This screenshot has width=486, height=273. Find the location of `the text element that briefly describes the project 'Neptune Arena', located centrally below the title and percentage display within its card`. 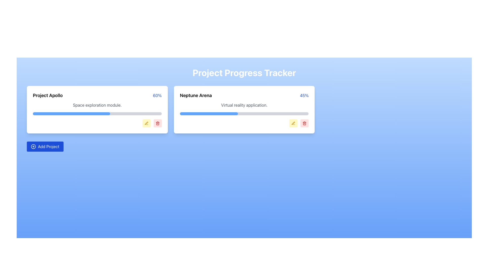

the text element that briefly describes the project 'Neptune Arena', located centrally below the title and percentage display within its card is located at coordinates (244, 105).